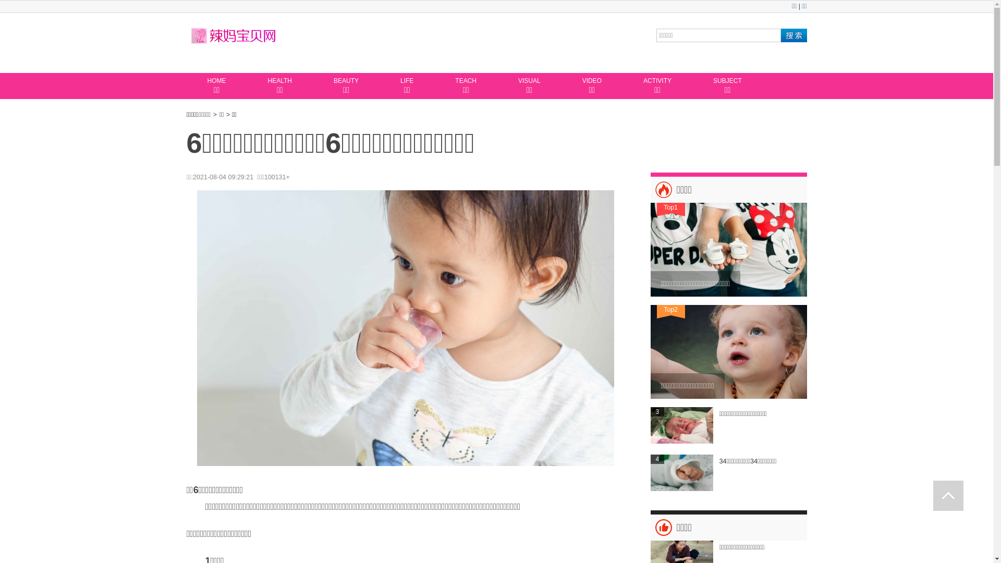  Describe the element at coordinates (948, 495) in the screenshot. I see `' '` at that location.